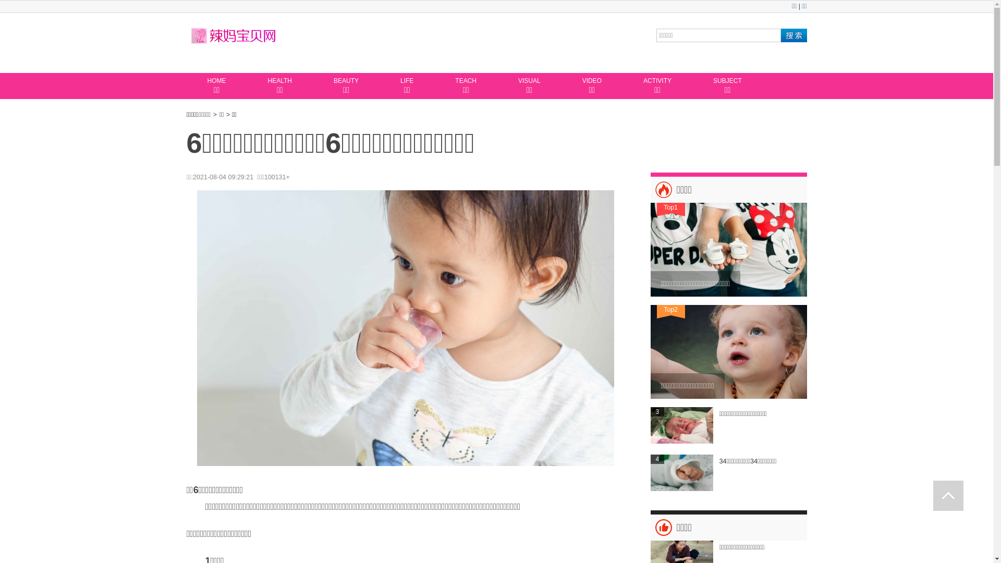  Describe the element at coordinates (948, 495) in the screenshot. I see `' '` at that location.